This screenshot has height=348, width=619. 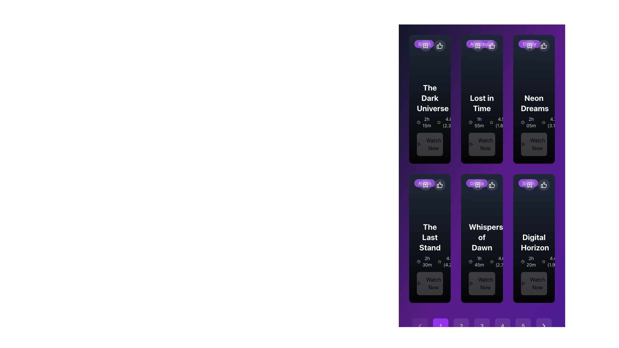 I want to click on the small bubble-like button labeled 'Action' with a purple background and white text, located at the top-left corner inside the card labeled 'The Last Stand', so click(x=425, y=183).